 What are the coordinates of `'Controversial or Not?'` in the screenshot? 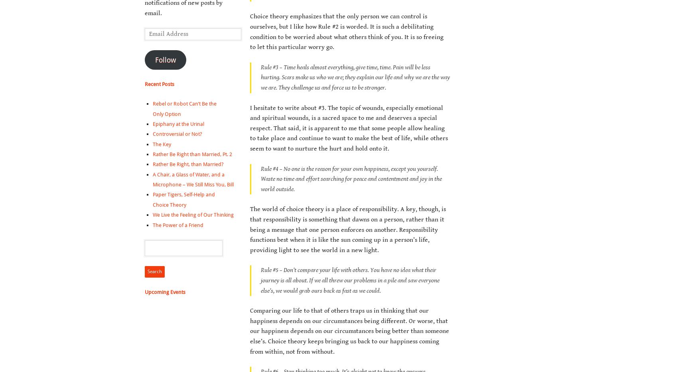 It's located at (177, 134).